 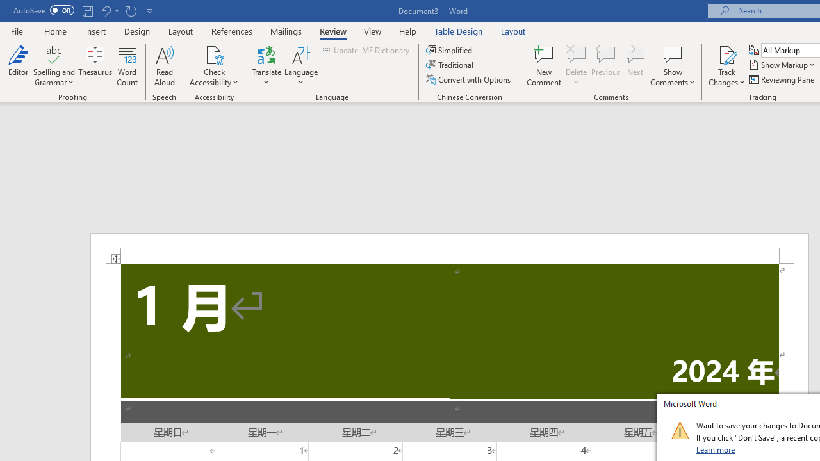 I want to click on 'Word Count', so click(x=127, y=66).